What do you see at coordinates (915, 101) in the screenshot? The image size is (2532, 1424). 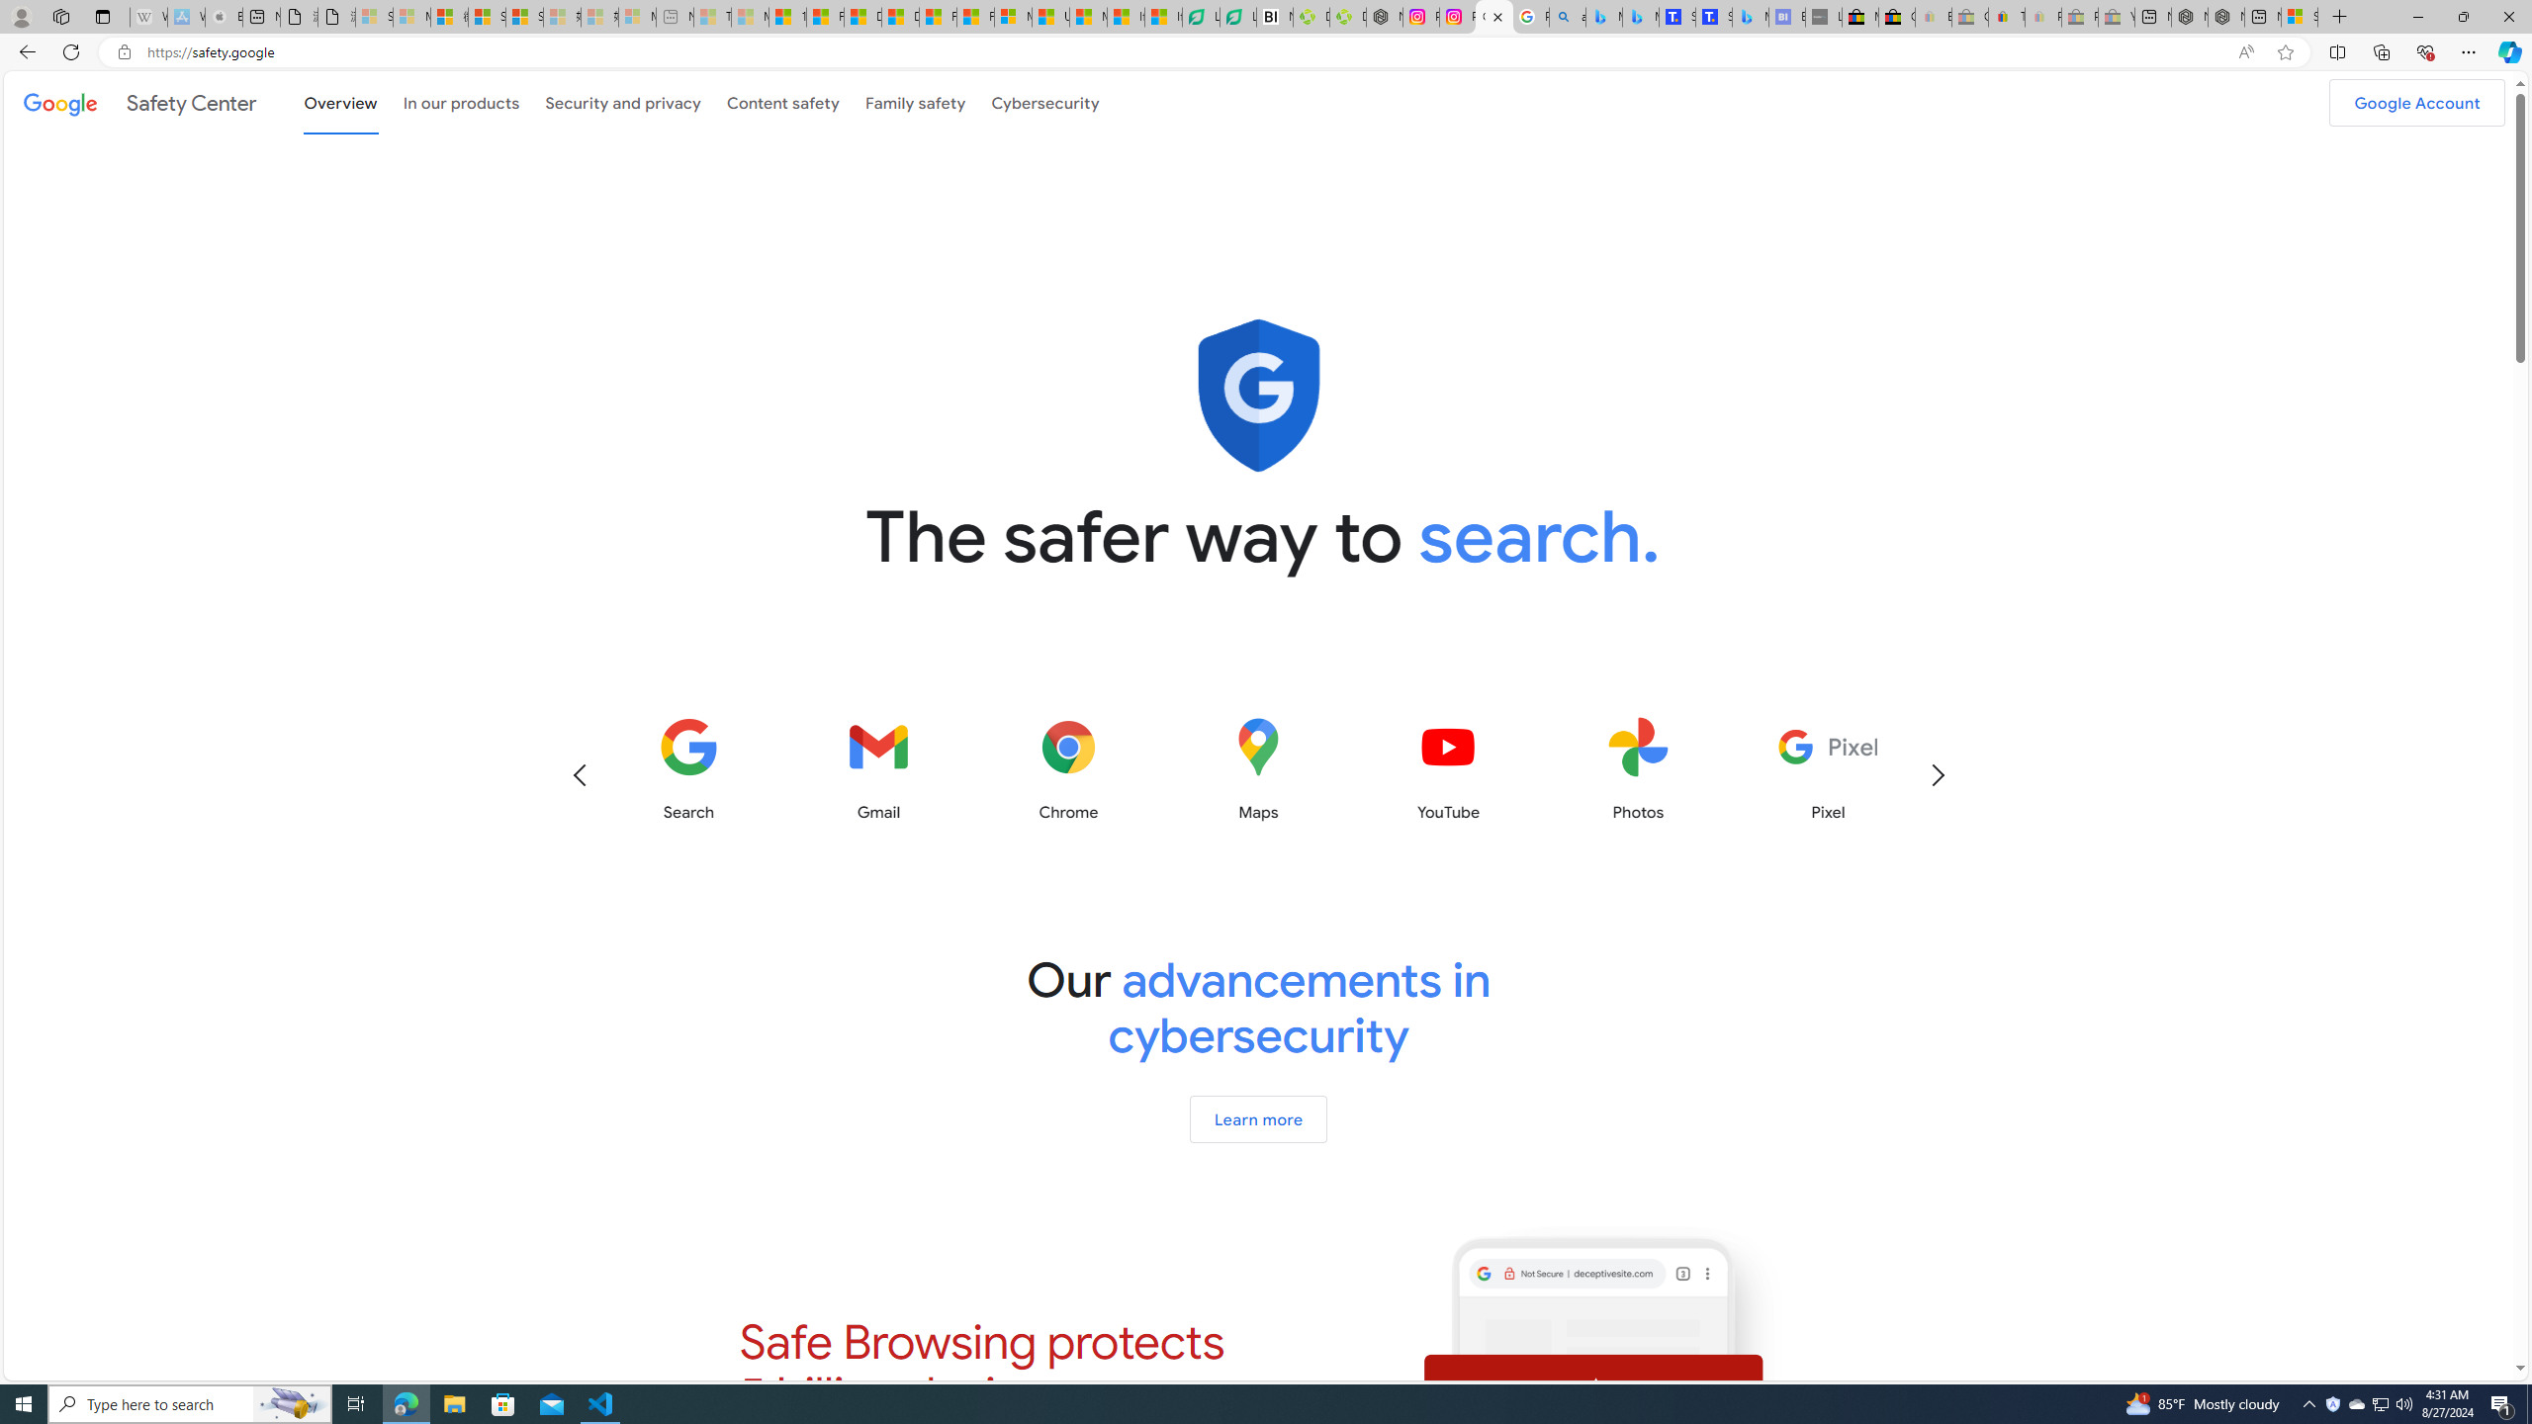 I see `'Family safety'` at bounding box center [915, 101].